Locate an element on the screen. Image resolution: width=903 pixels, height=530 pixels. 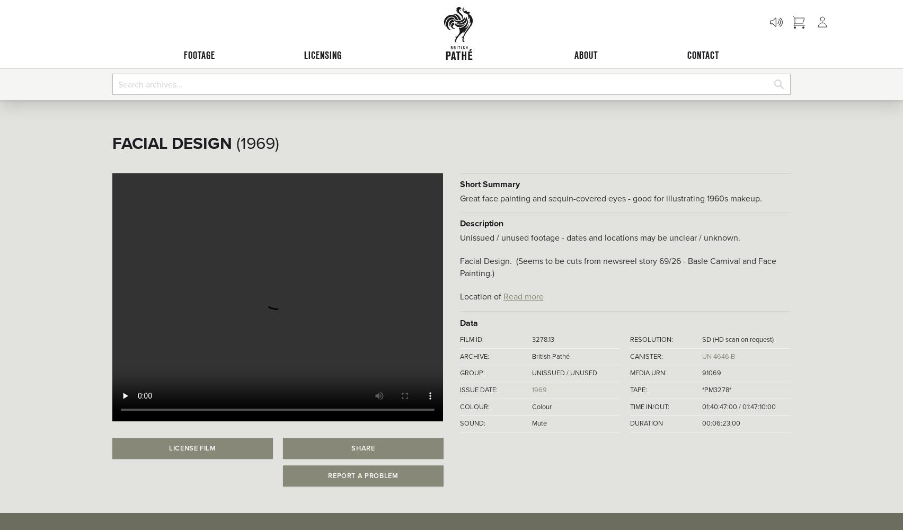
'ABOUT' is located at coordinates (574, 55).